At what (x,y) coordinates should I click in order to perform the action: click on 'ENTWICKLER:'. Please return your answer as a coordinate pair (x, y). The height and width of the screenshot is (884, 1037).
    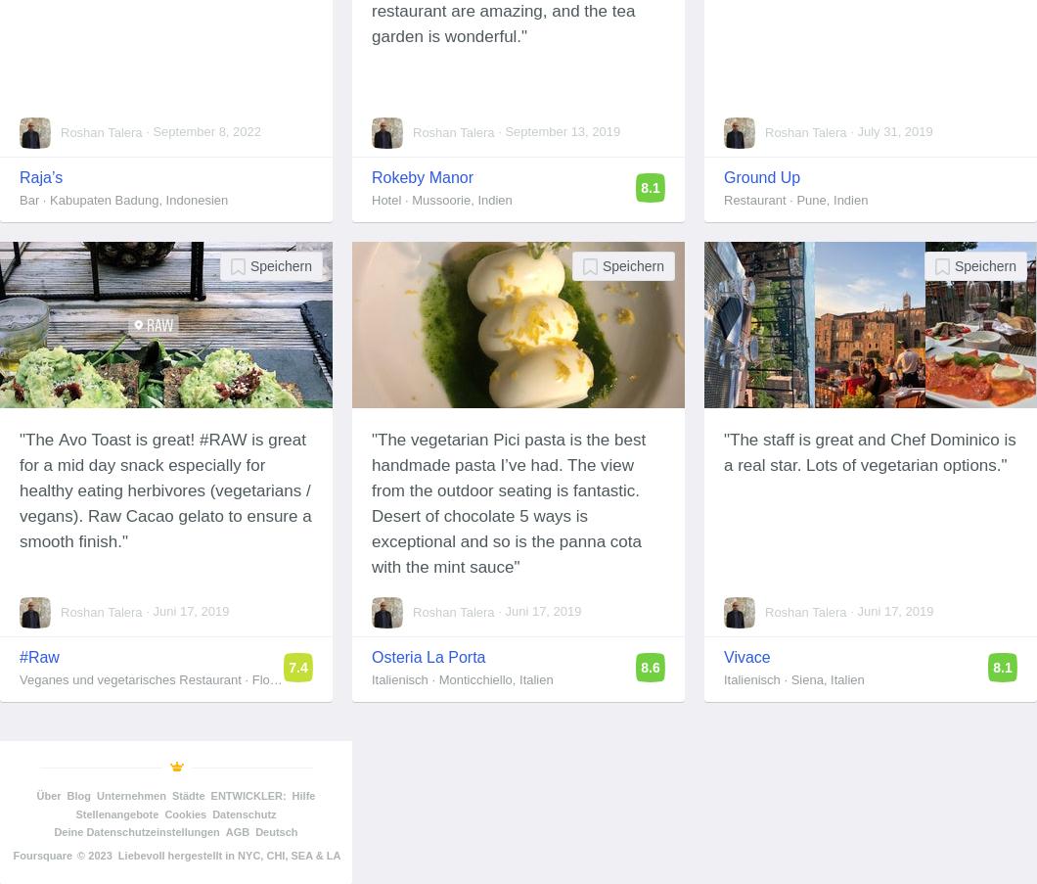
    Looking at the image, I should click on (247, 794).